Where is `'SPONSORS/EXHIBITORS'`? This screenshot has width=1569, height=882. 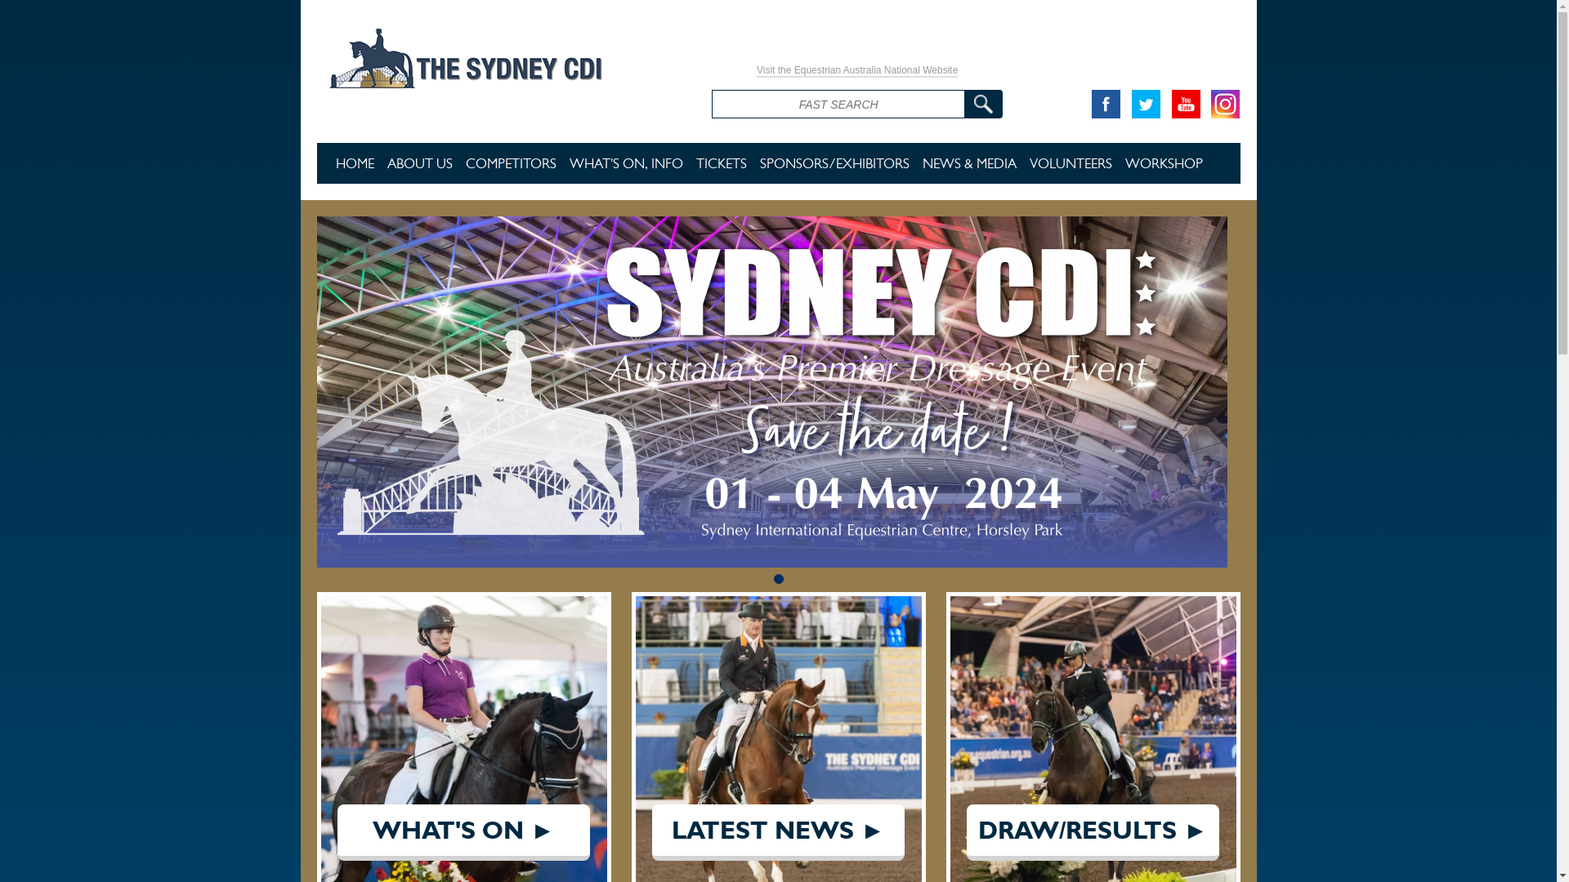 'SPONSORS/EXHIBITORS' is located at coordinates (834, 163).